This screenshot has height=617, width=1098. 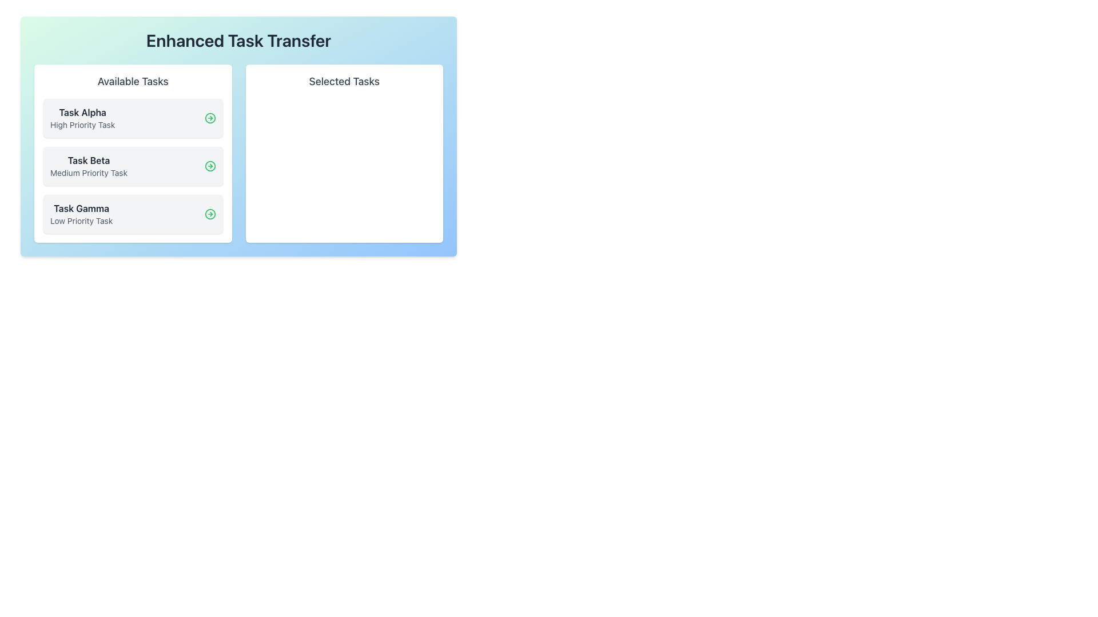 What do you see at coordinates (210, 166) in the screenshot?
I see `the circular button with a green outline and white arrow pointing right located at the rightmost side of the 'Task Beta' card` at bounding box center [210, 166].